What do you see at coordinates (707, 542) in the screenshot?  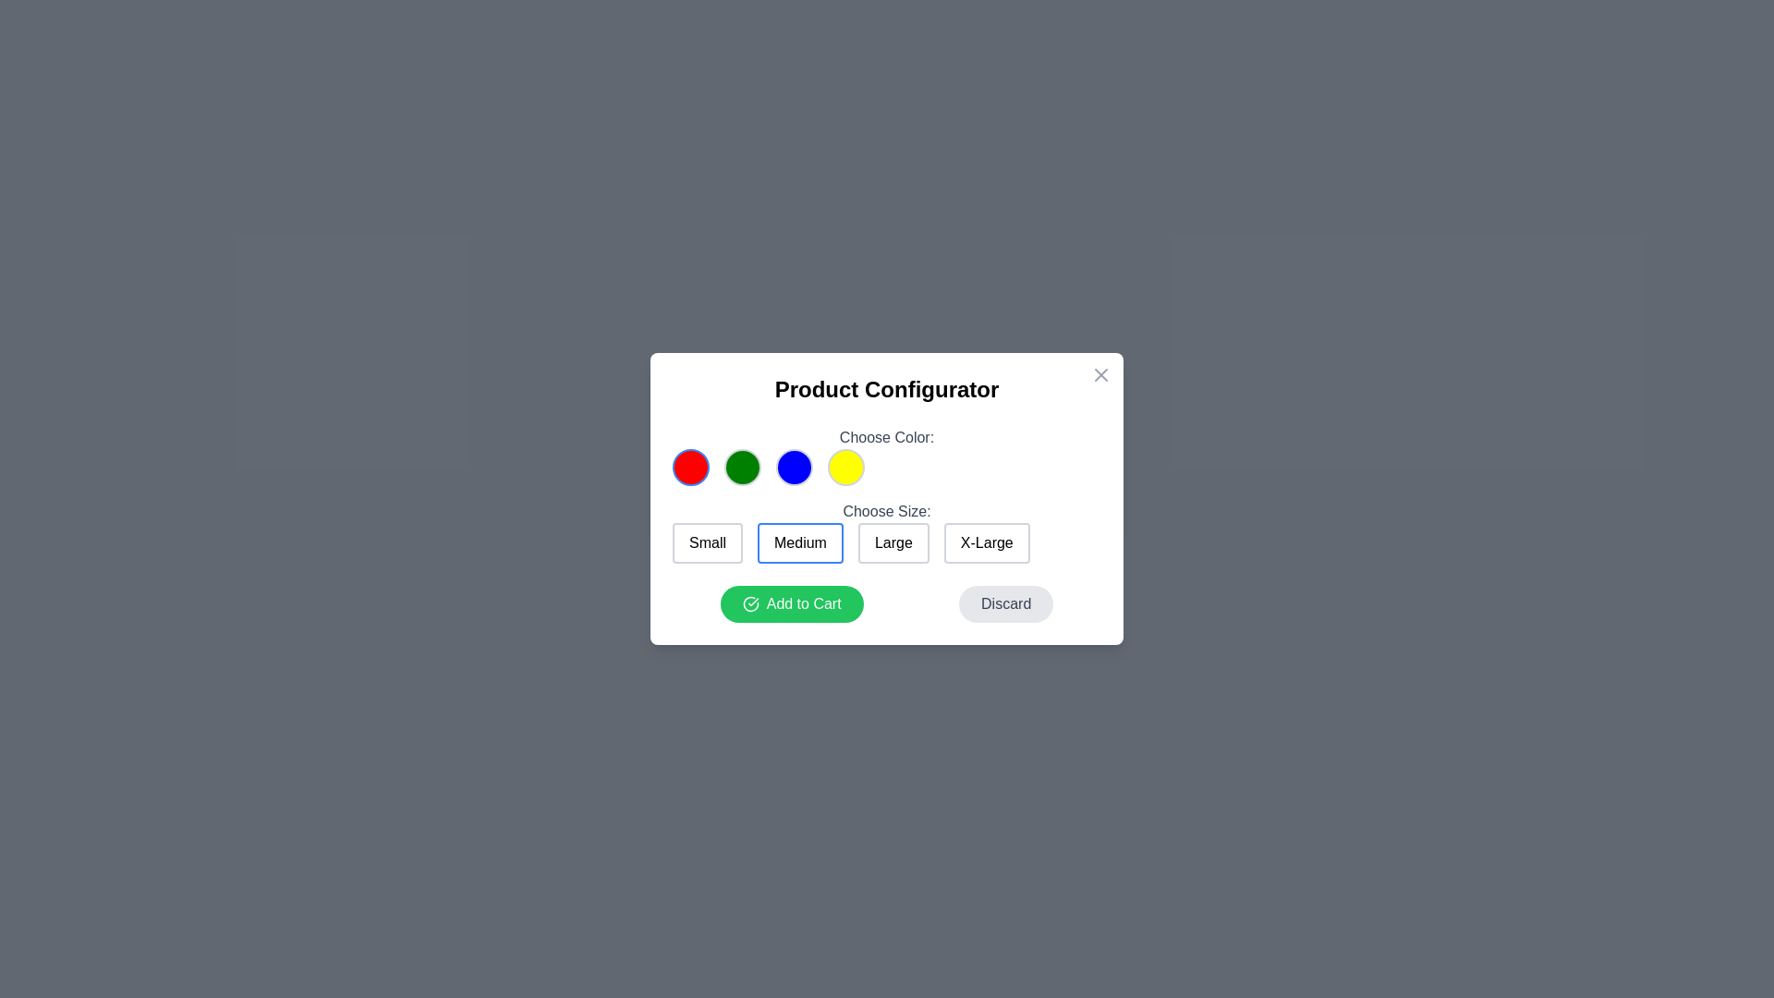 I see `the 'Small' size option button located in the 'Product Configurator' modal dialog` at bounding box center [707, 542].